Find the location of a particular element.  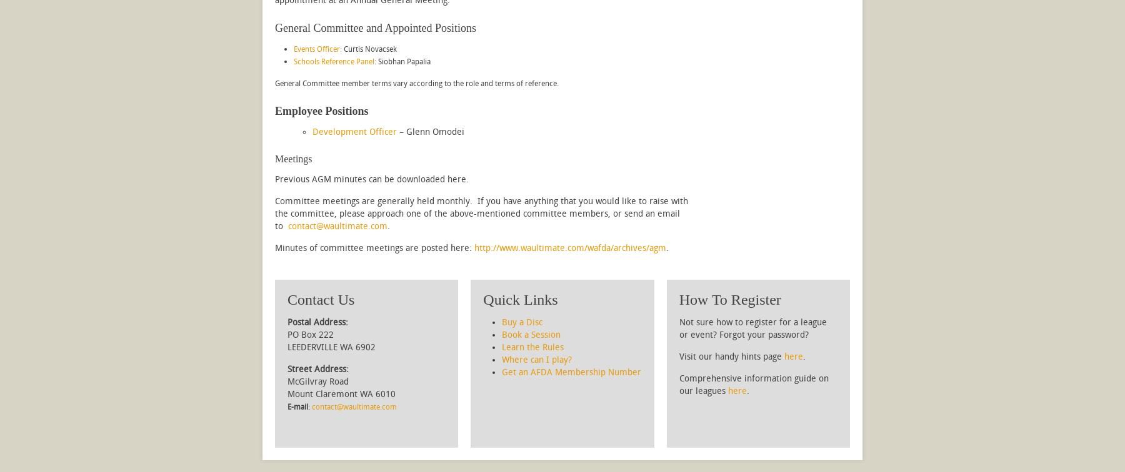

'Employee Positions' is located at coordinates (274, 111).